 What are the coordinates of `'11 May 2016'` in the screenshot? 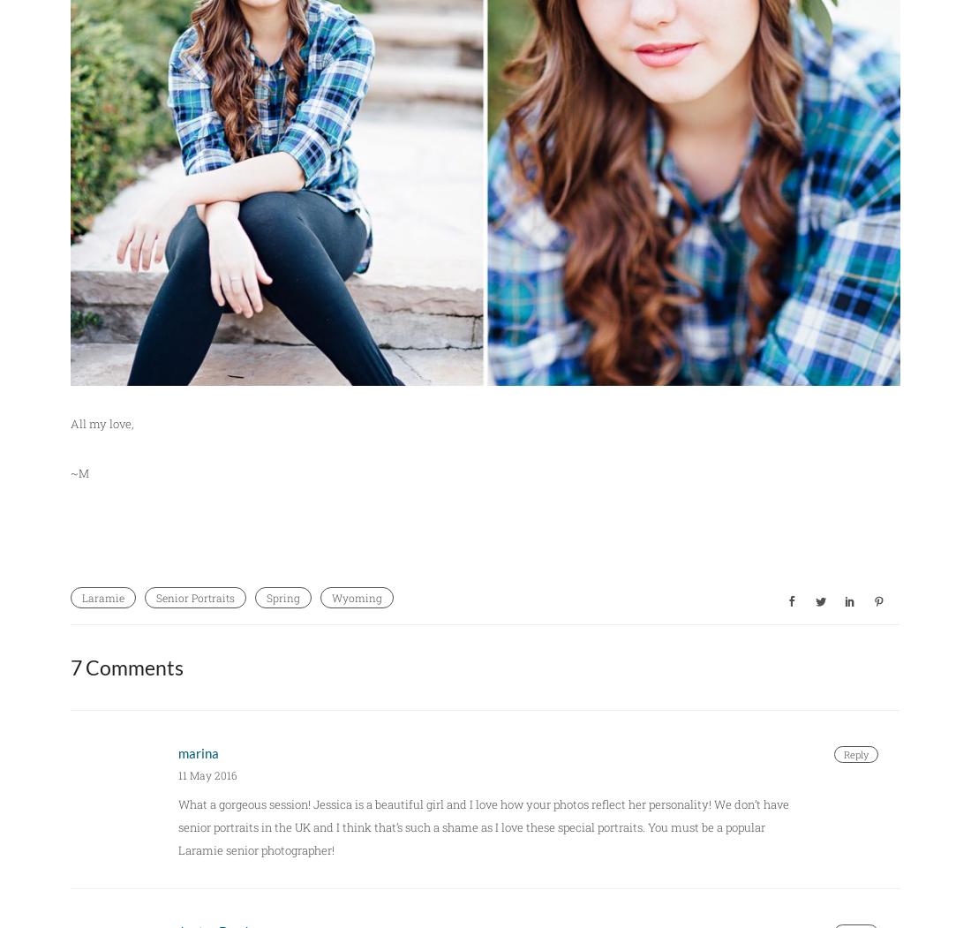 It's located at (177, 773).